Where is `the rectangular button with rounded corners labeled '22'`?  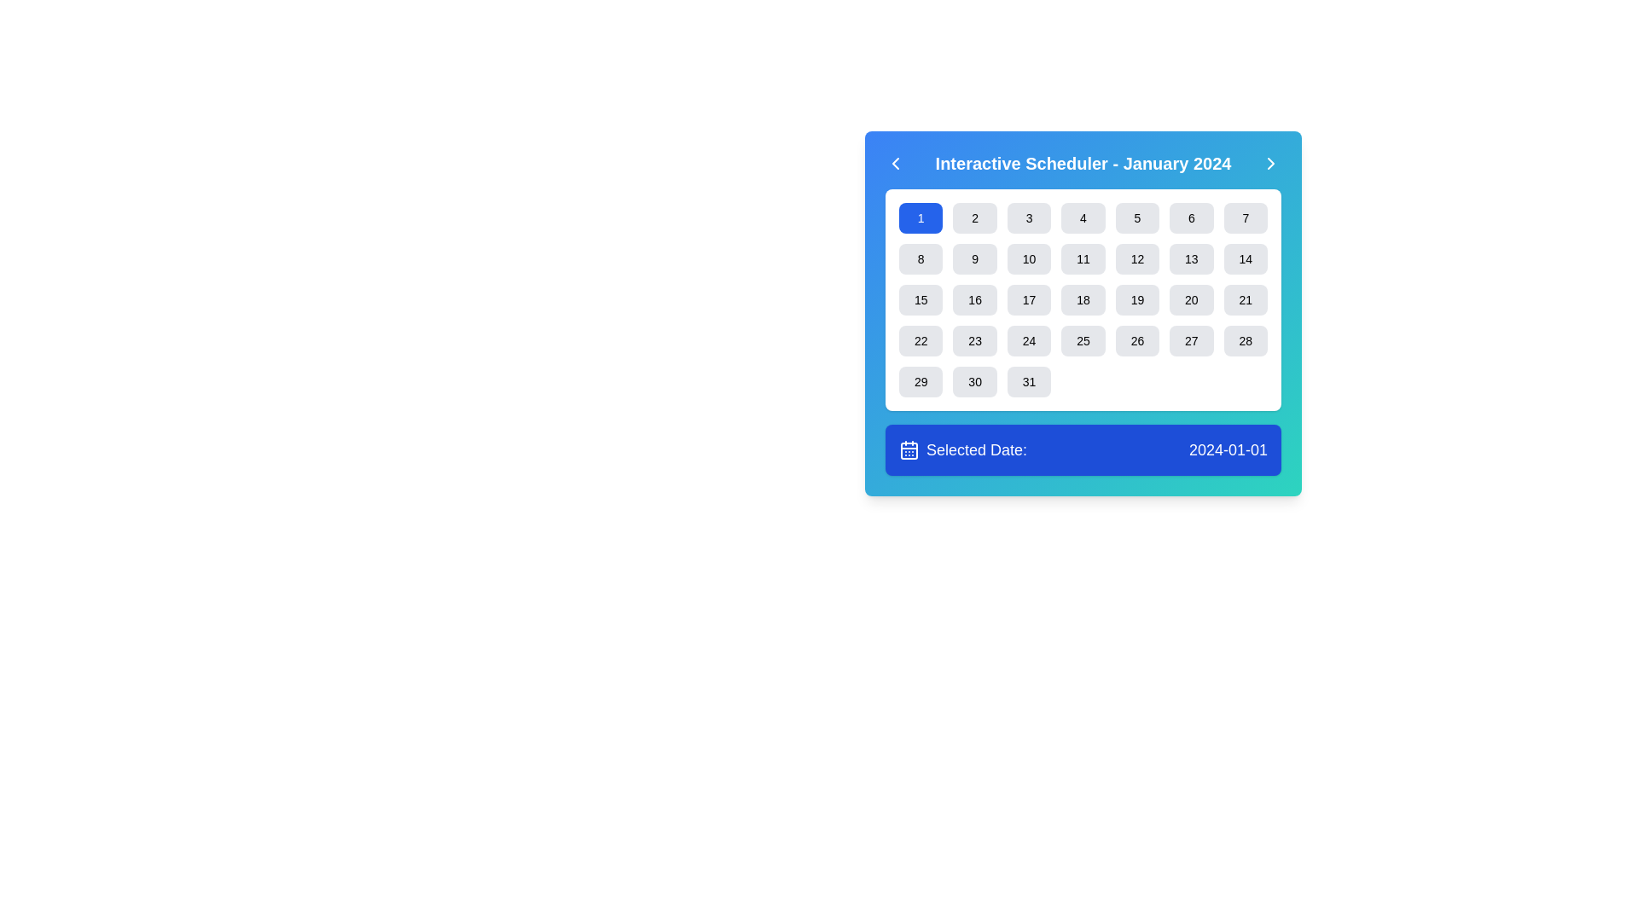 the rectangular button with rounded corners labeled '22' is located at coordinates (920, 341).